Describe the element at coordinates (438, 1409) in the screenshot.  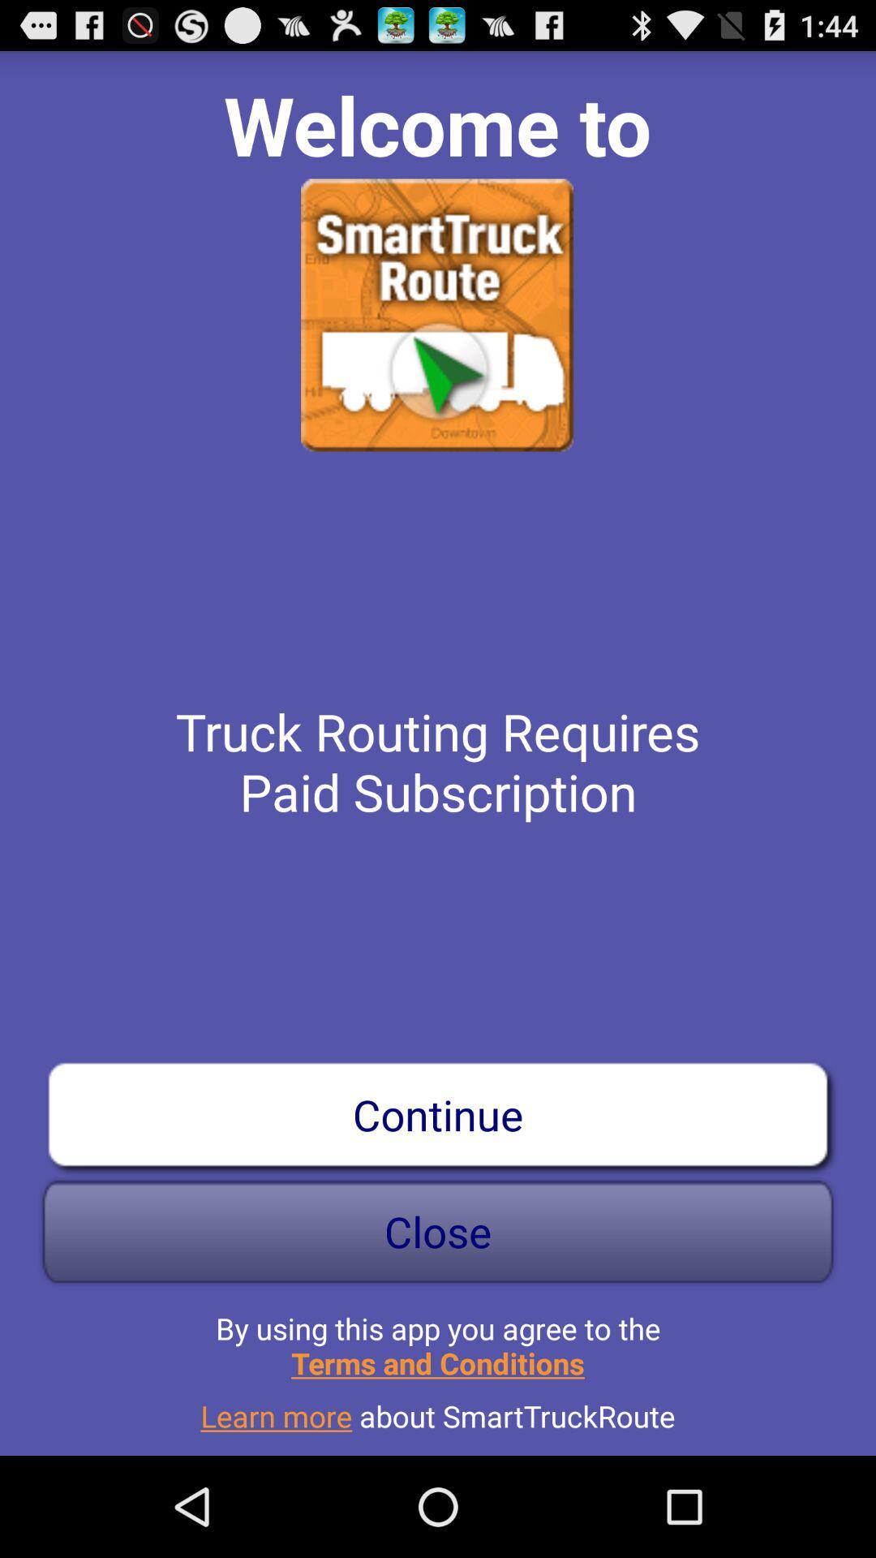
I see `learn more about icon` at that location.